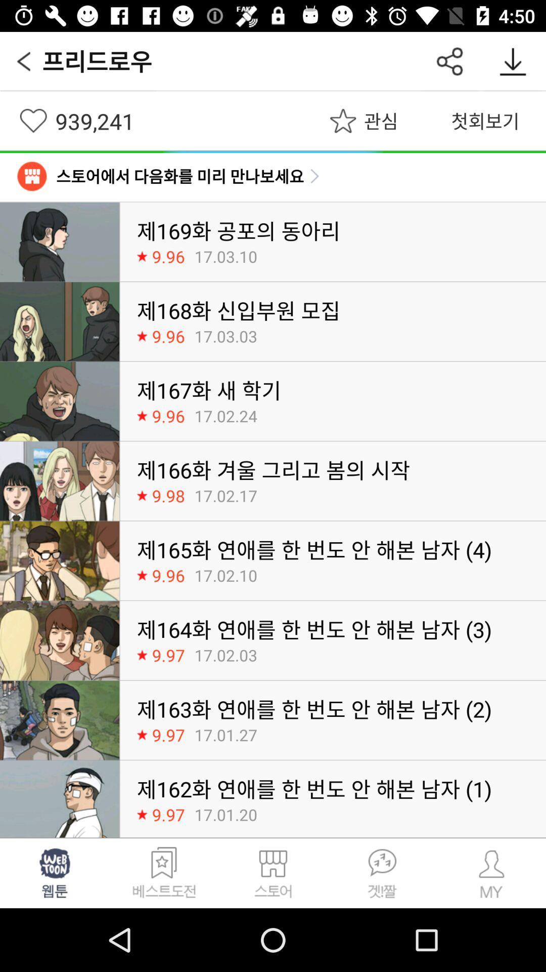 The height and width of the screenshot is (972, 546). I want to click on the bookmark option in the bottom, so click(163, 872).